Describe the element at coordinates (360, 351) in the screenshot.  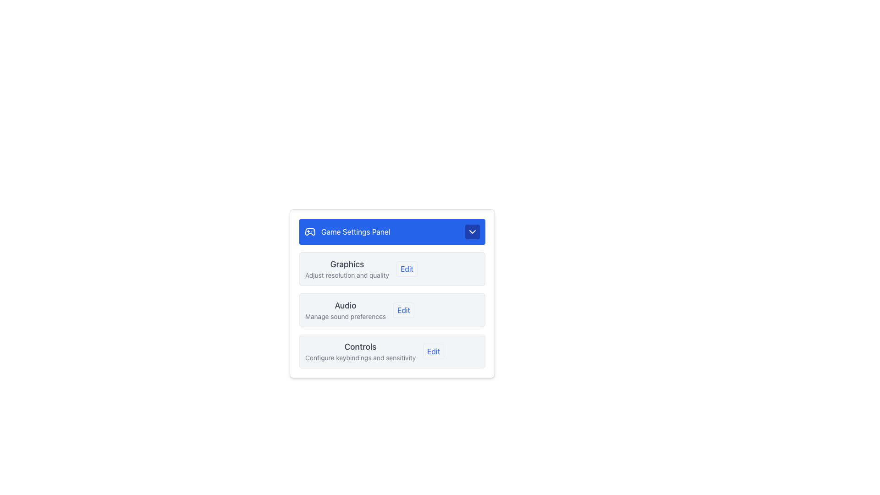
I see `the label element titled 'Controls' which includes the subtitle 'Configure keybindings and sensitivity', located centrally within its section` at that location.